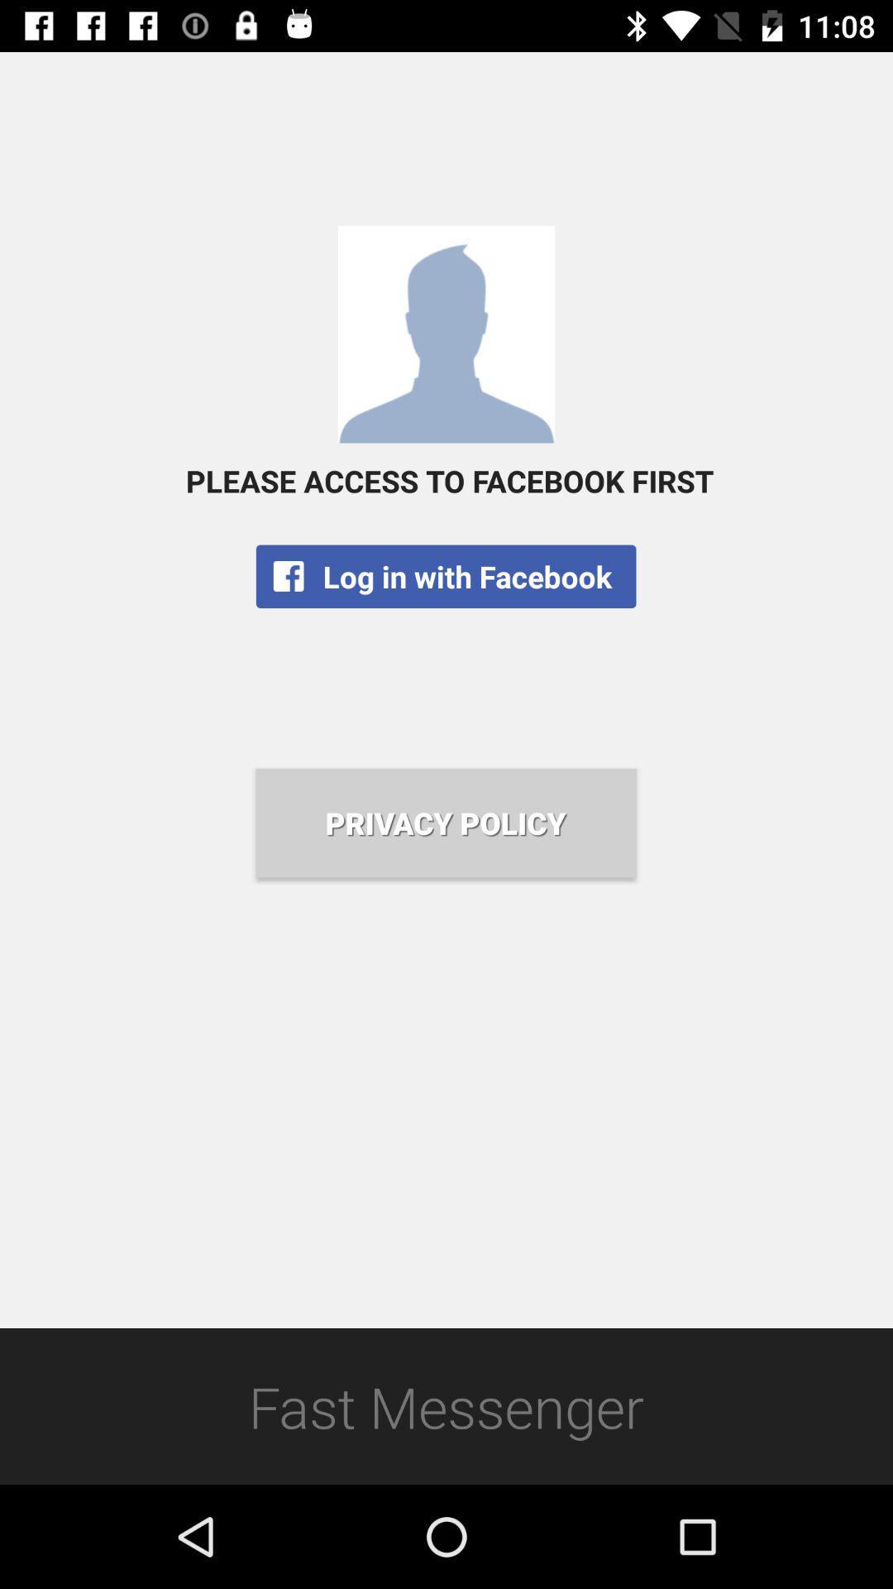 The width and height of the screenshot is (893, 1589). Describe the element at coordinates (446, 1405) in the screenshot. I see `button below privacy policy button` at that location.